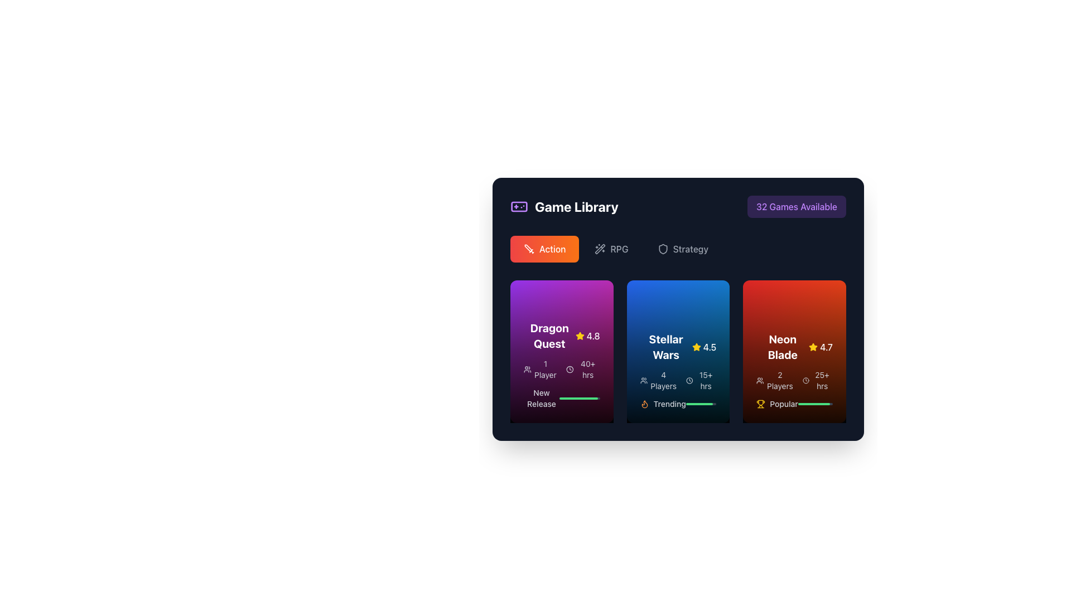 This screenshot has height=602, width=1071. I want to click on the game details by clicking on the Text label with icon (rating indicator) for the game 'Neon Blade', which is located in the rightmost card of the third position in a horizontally aligned row of game entries, so click(794, 347).